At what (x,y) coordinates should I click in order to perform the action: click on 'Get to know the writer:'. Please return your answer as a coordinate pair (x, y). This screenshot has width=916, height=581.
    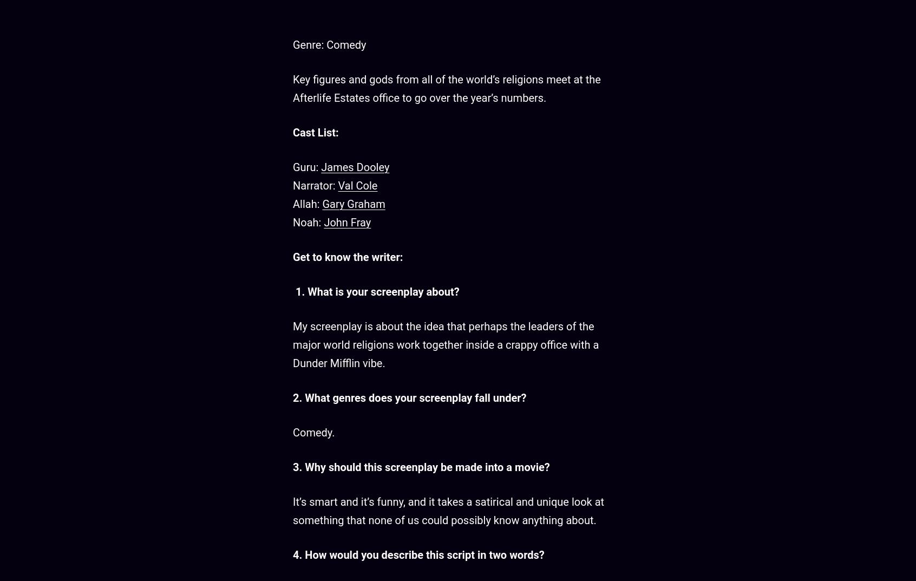
    Looking at the image, I should click on (292, 257).